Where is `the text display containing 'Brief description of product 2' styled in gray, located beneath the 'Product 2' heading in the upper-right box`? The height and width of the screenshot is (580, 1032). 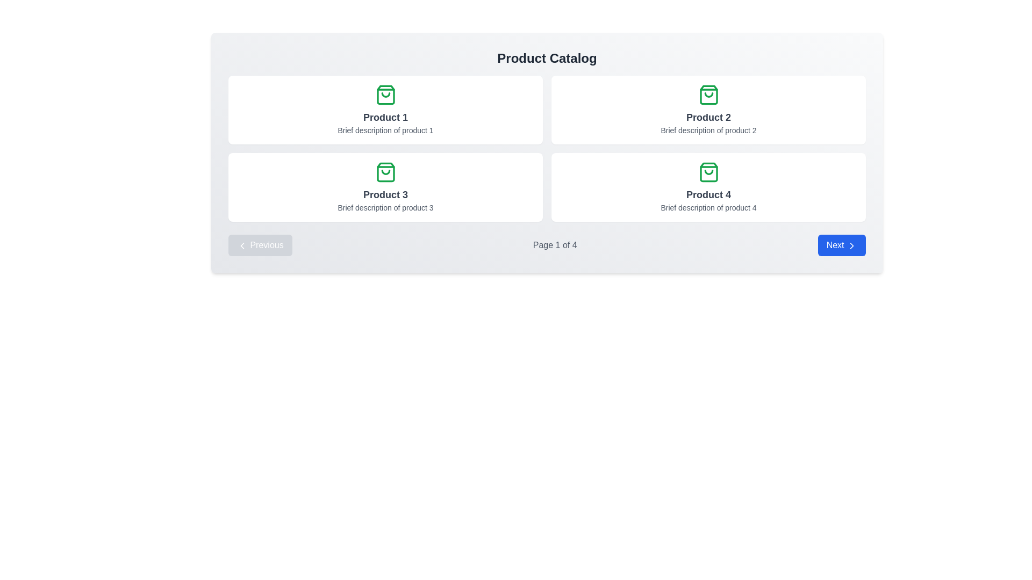 the text display containing 'Brief description of product 2' styled in gray, located beneath the 'Product 2' heading in the upper-right box is located at coordinates (708, 130).